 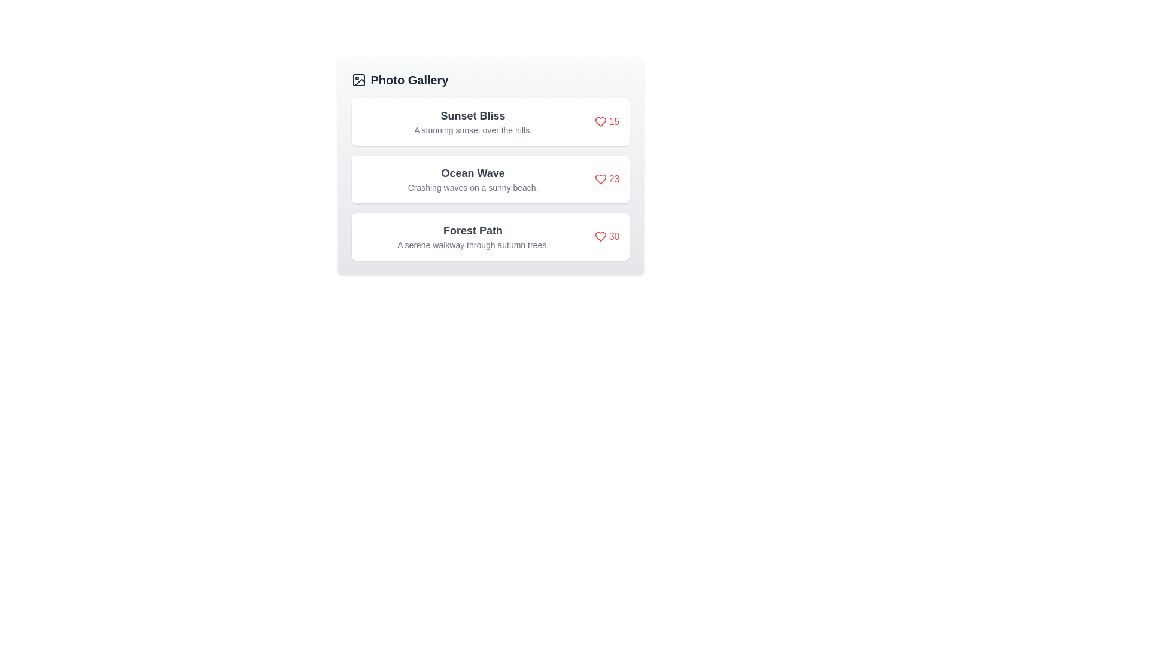 I want to click on the like button for Sunset Bliss, so click(x=607, y=122).